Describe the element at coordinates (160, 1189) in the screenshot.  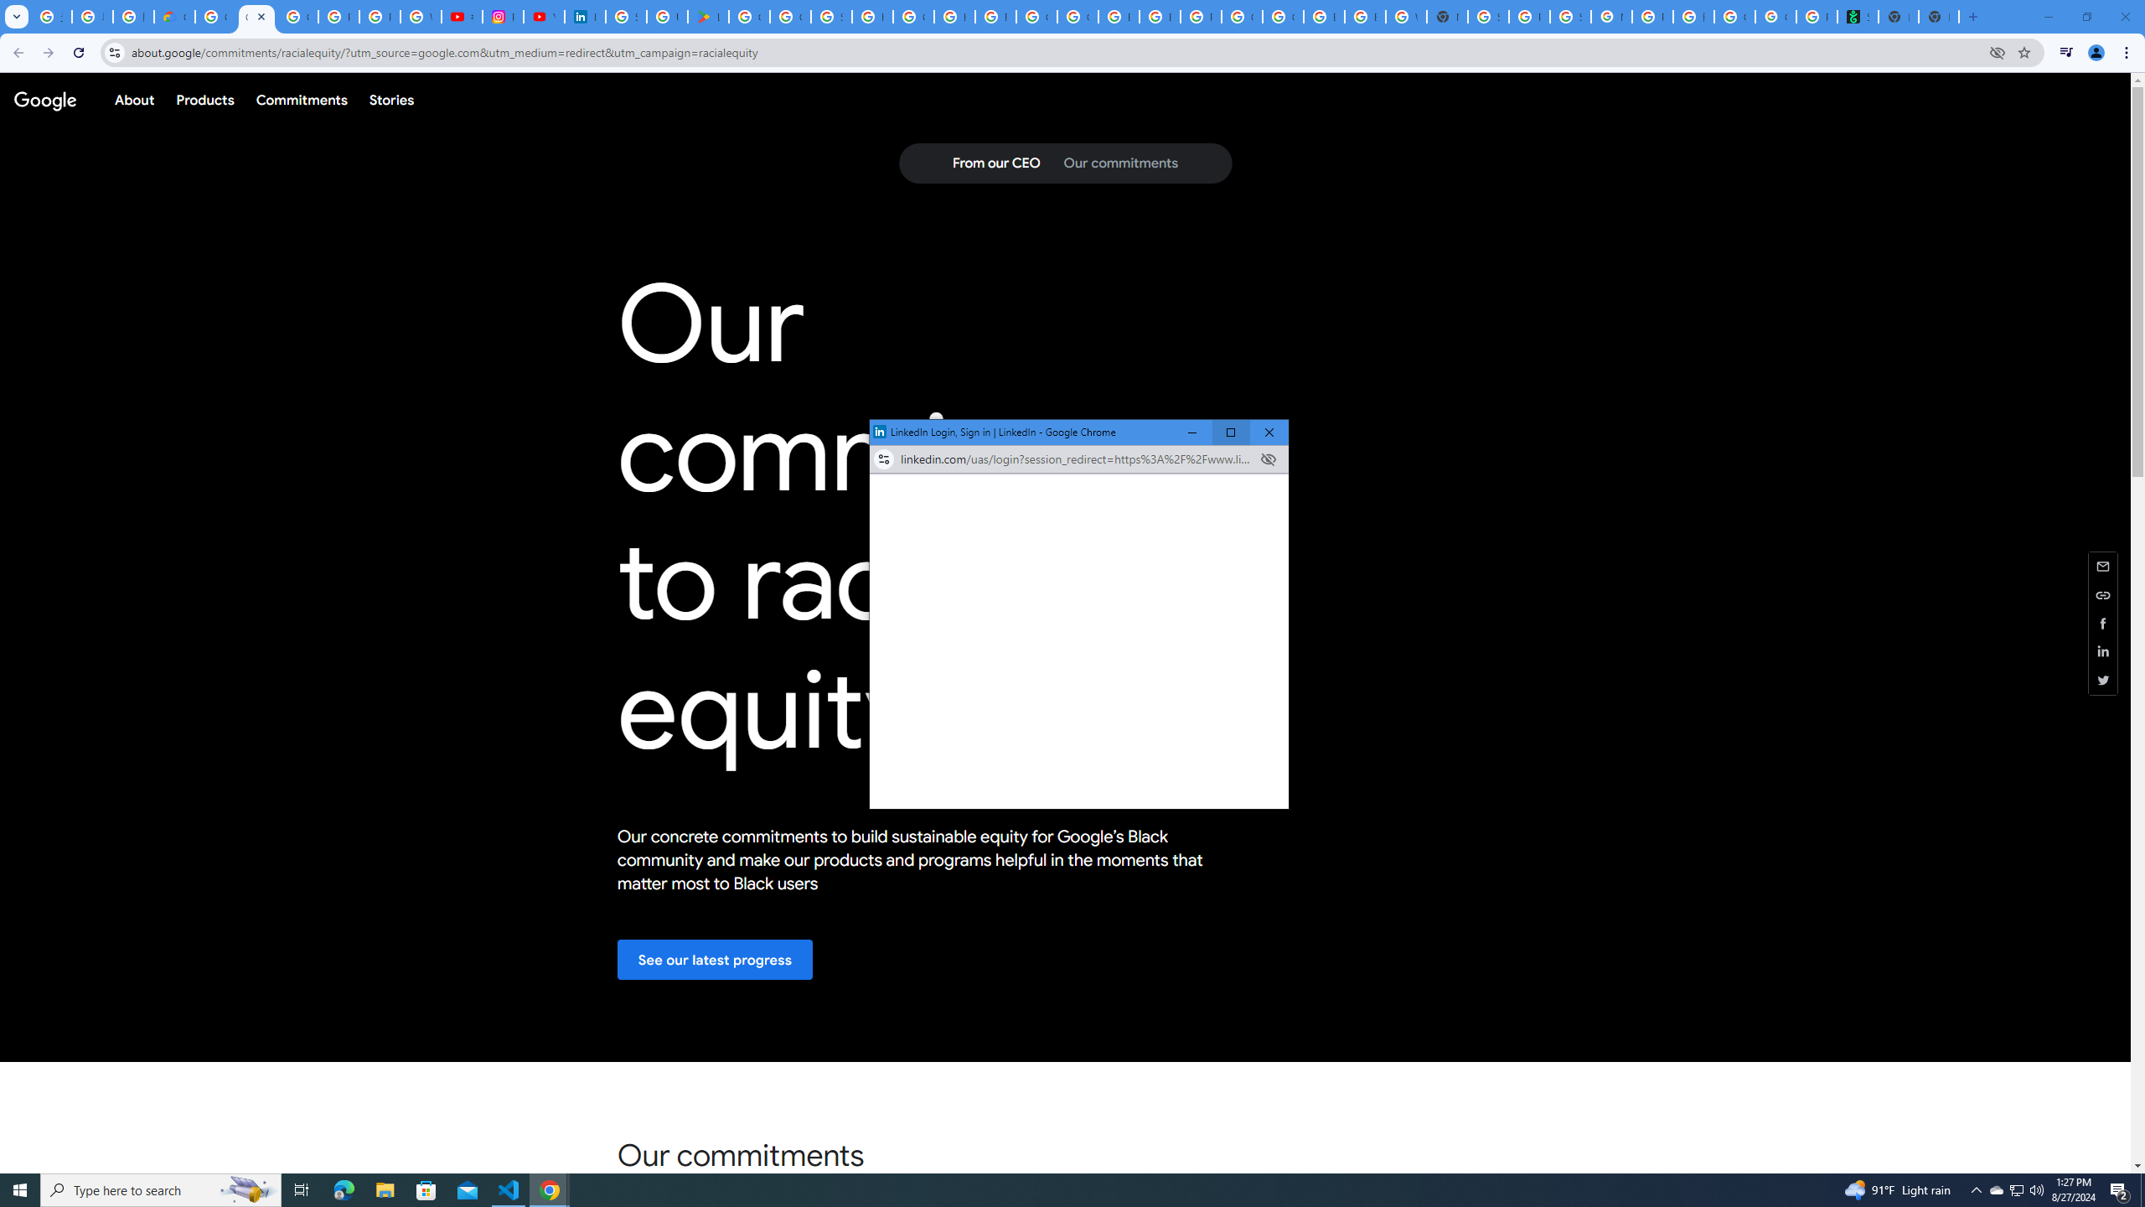
I see `'Type here to search'` at that location.